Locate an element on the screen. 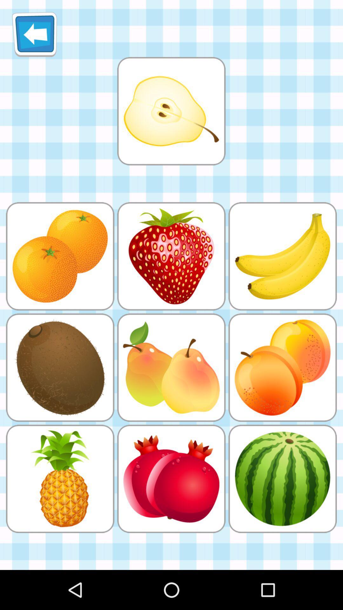  find a match is located at coordinates (171, 111).